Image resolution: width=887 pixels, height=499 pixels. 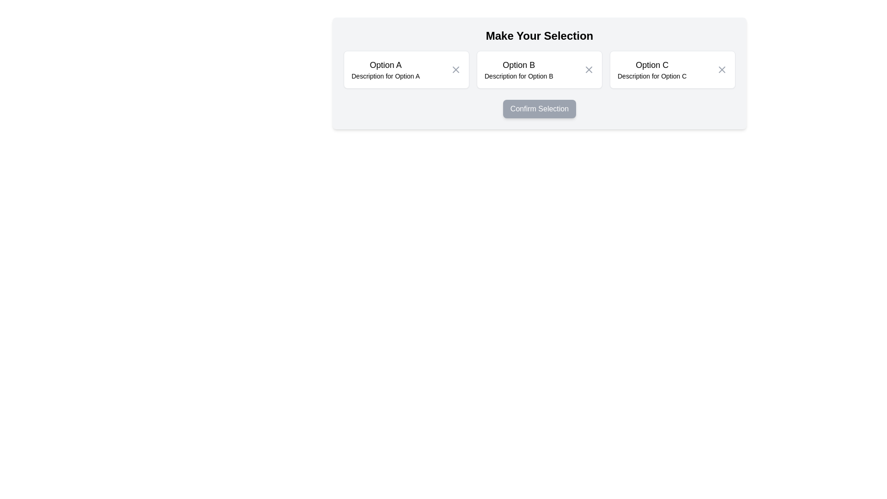 I want to click on the Text Display element that provides additional descriptive information for 'Option C', located at the center-right of the page, below the heading 'Option C', so click(x=651, y=76).